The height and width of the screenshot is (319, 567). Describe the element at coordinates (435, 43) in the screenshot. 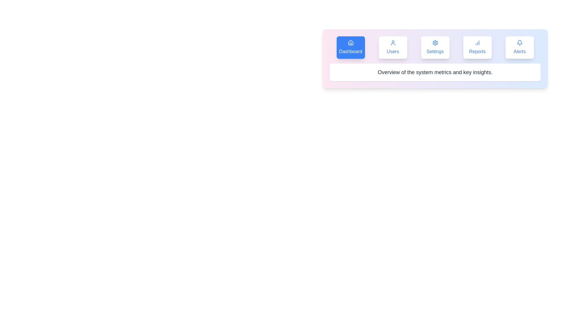

I see `the gear icon above the 'Settings' label` at that location.